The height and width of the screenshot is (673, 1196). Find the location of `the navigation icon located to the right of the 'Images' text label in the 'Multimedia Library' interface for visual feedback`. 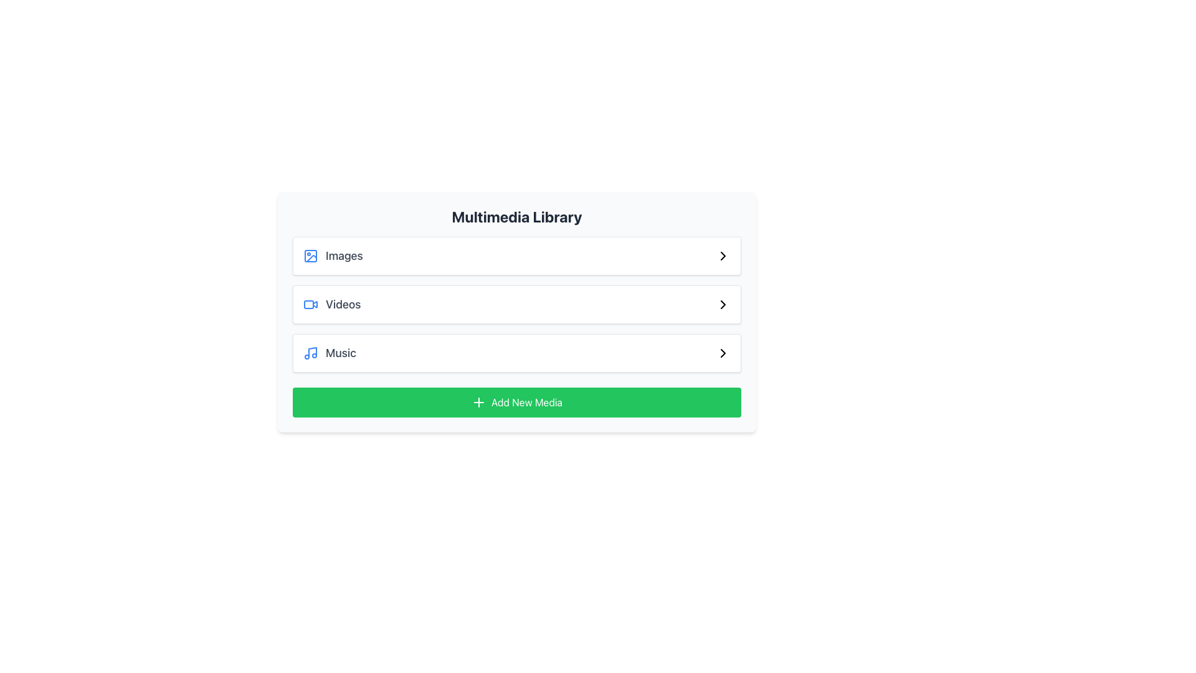

the navigation icon located to the right of the 'Images' text label in the 'Multimedia Library' interface for visual feedback is located at coordinates (723, 255).